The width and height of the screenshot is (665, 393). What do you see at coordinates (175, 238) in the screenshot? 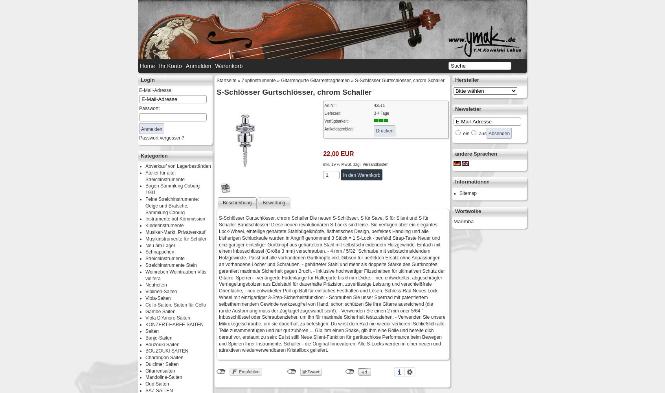
I see `'Musikinstrumente für Schüler'` at bounding box center [175, 238].